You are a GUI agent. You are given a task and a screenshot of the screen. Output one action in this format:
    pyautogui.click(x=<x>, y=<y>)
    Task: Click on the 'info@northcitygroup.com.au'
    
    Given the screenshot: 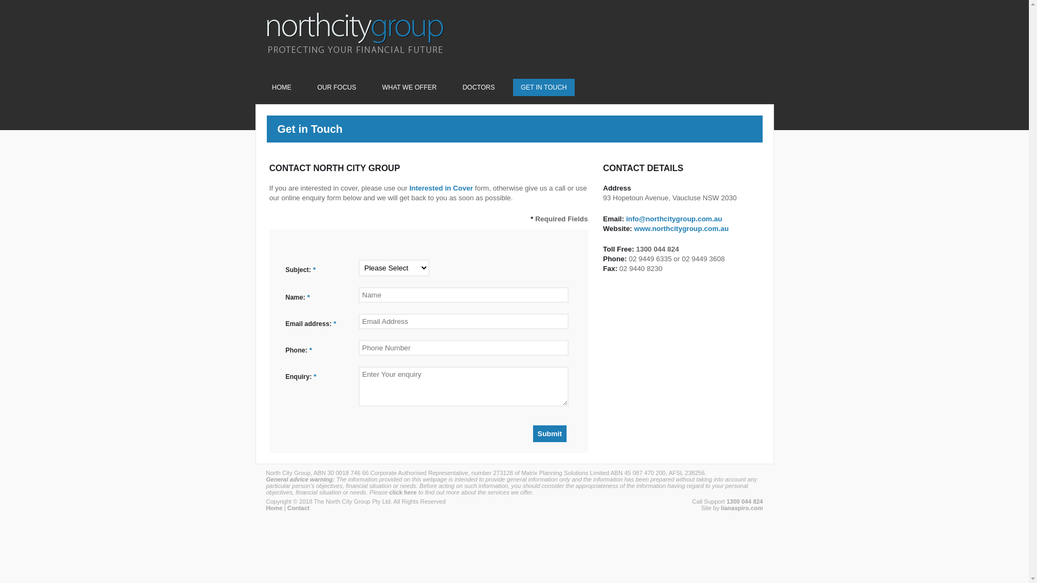 What is the action you would take?
    pyautogui.click(x=674, y=219)
    